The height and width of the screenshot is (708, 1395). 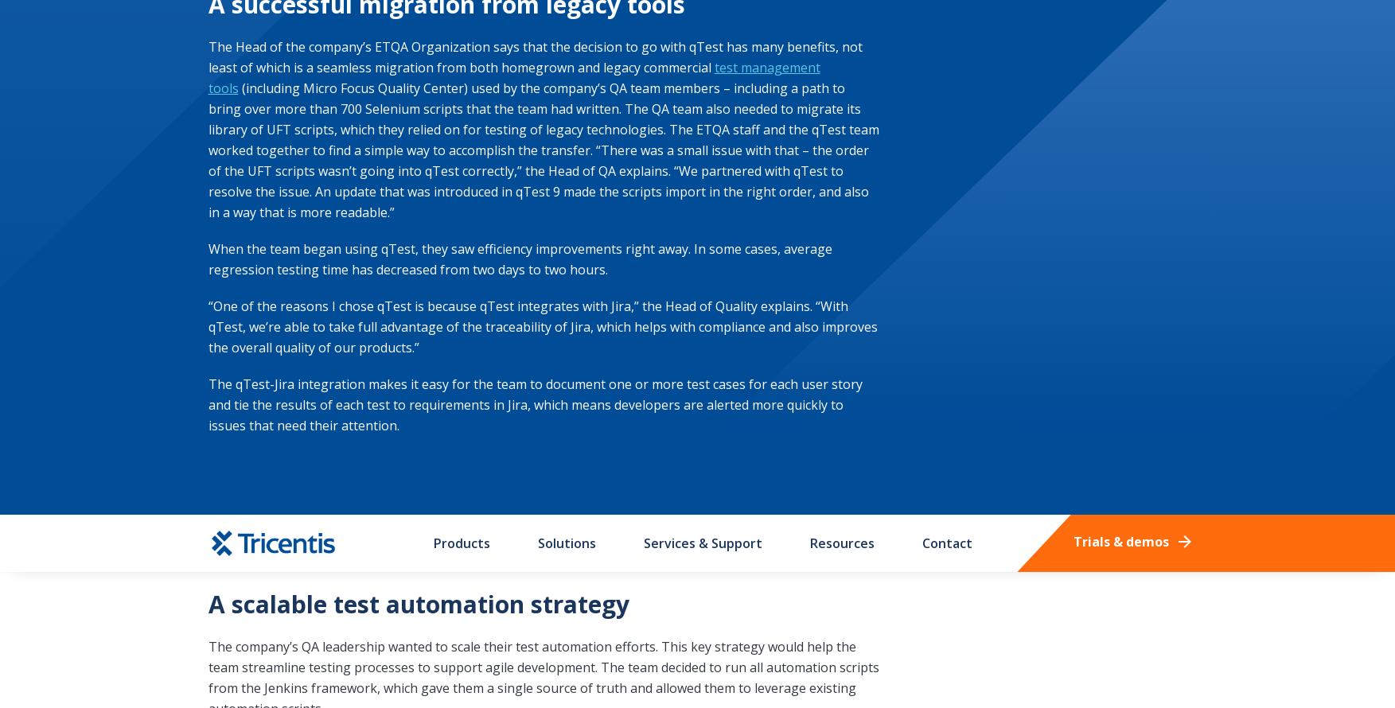 I want to click on 'Sitemap', so click(x=1143, y=169).